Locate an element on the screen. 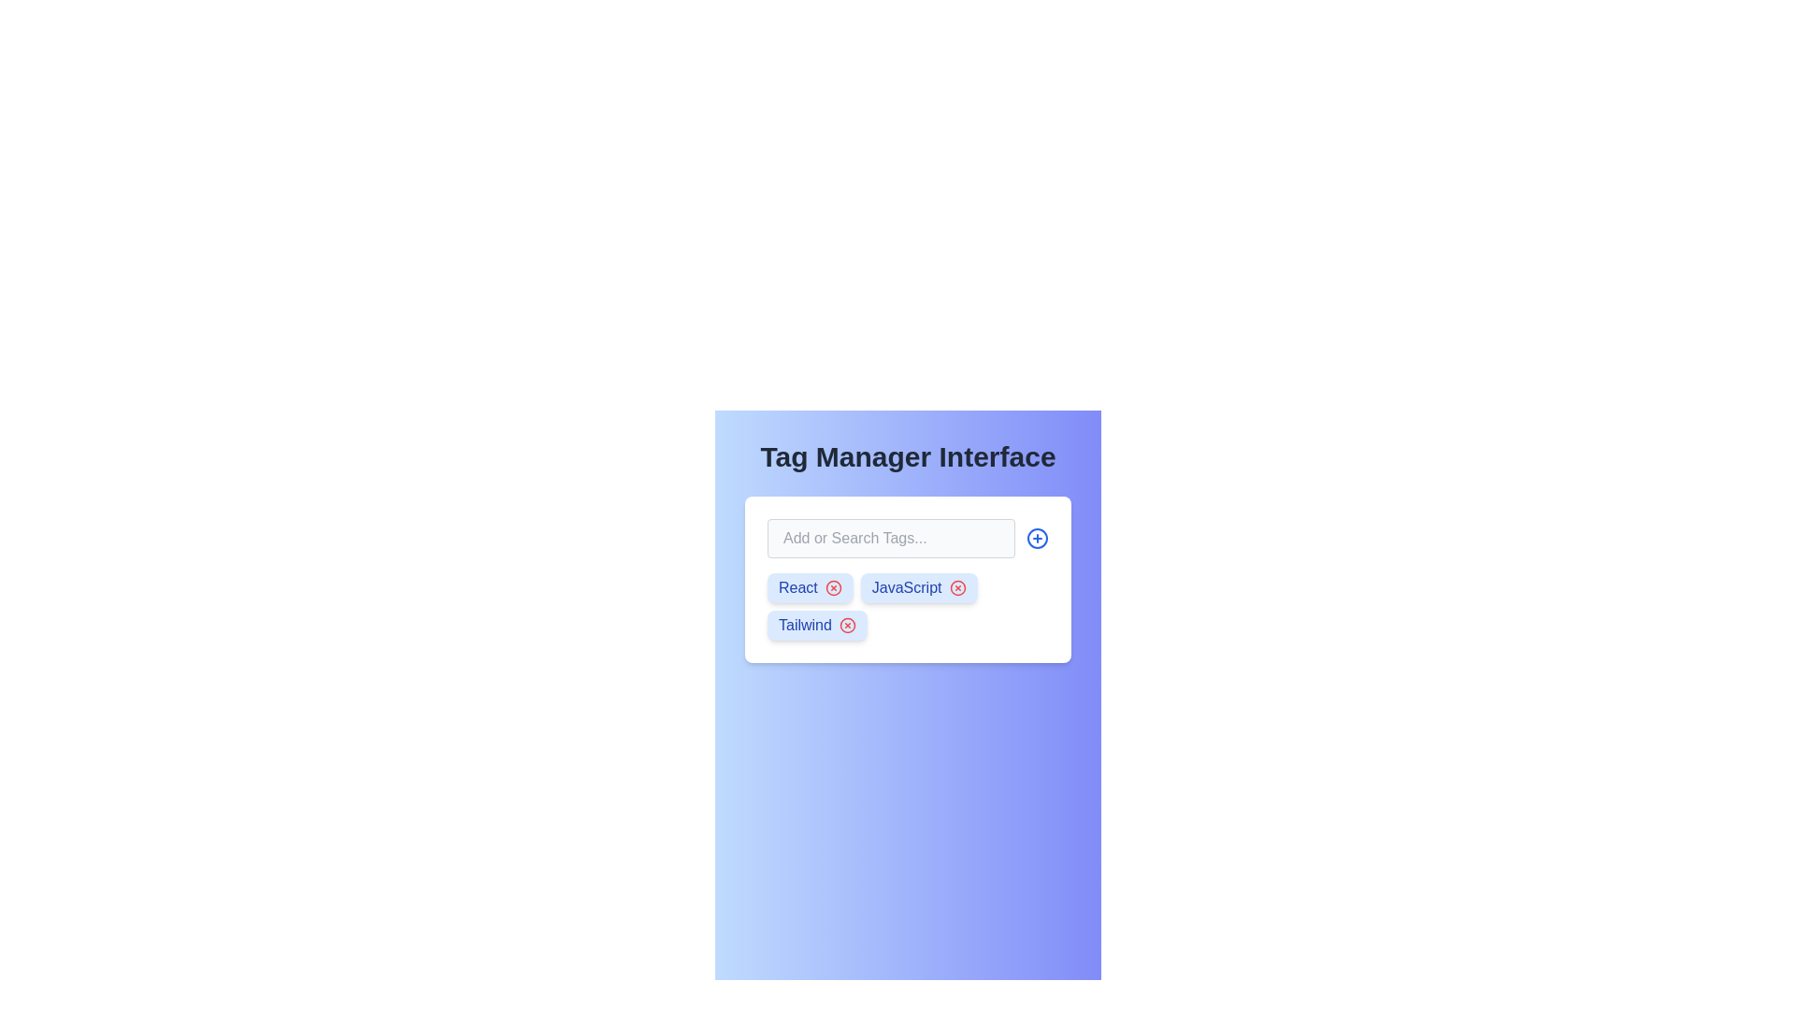 The image size is (1795, 1010). the Text Label that displays the name of the tag, located in the center of the second tag in a vertical list, which is bound on the left by a removable icon is located at coordinates (907, 586).